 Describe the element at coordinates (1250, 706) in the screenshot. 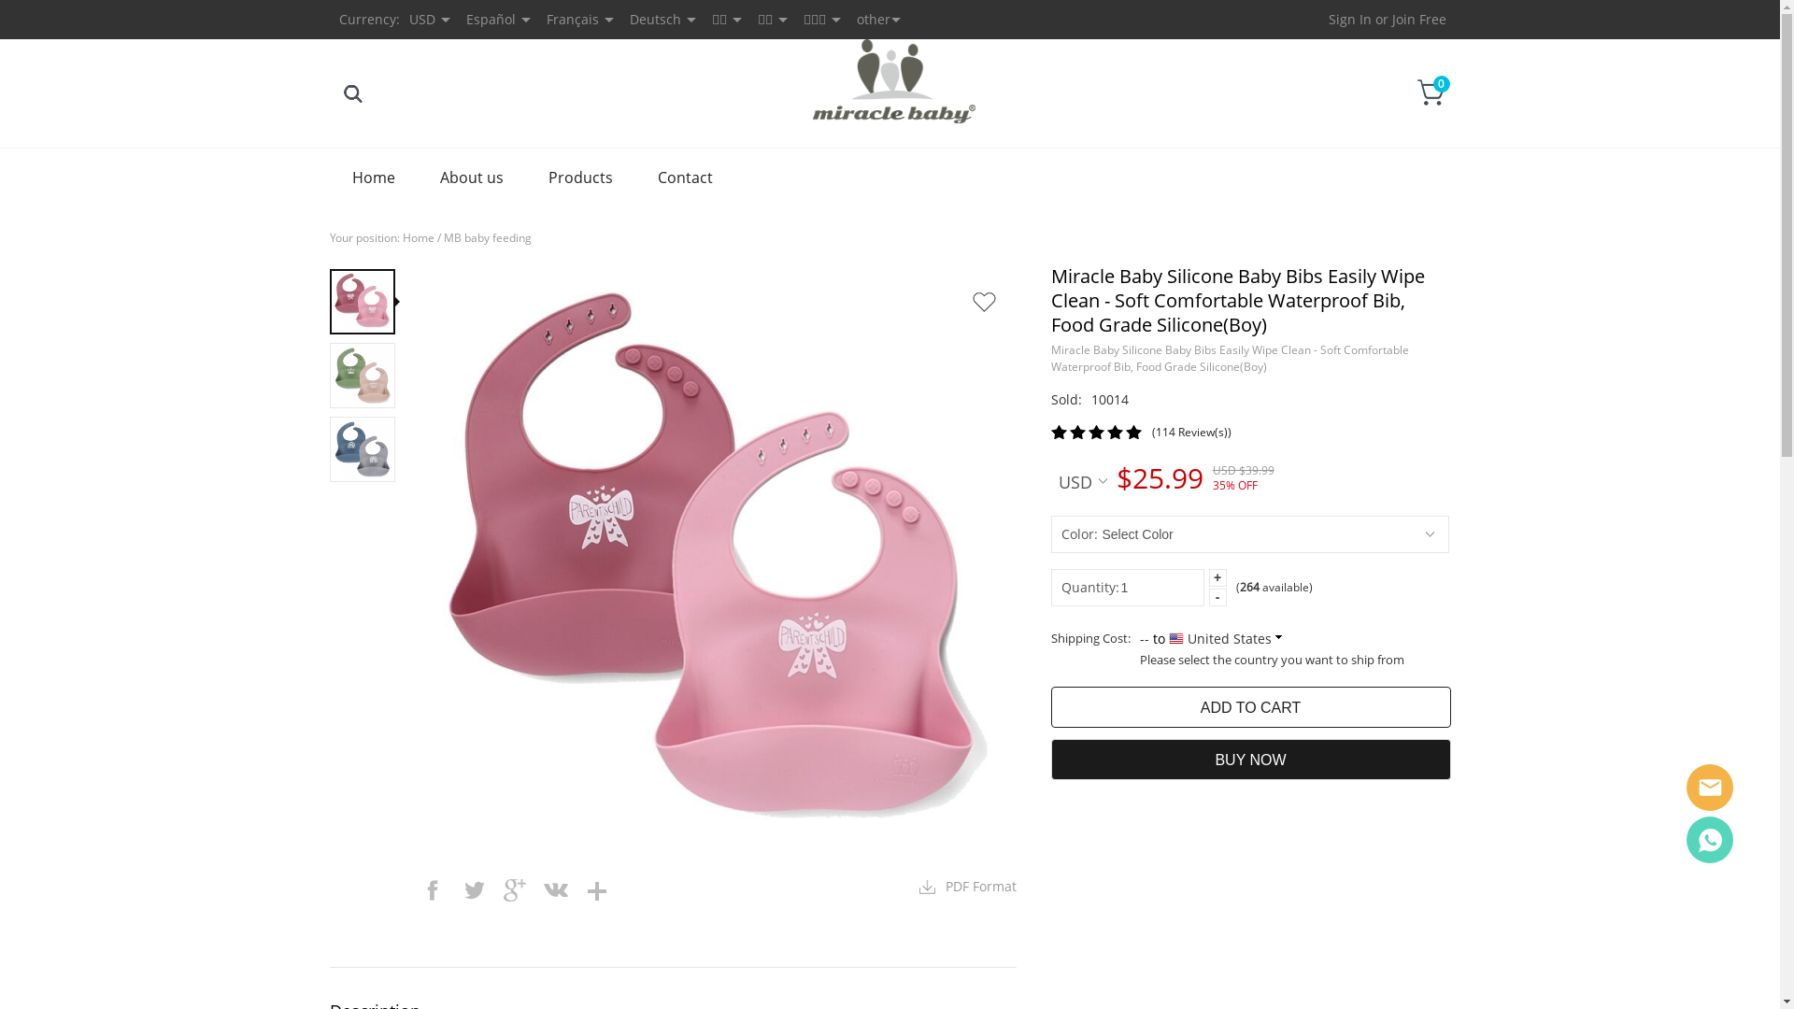

I see `'Add to Cart'` at that location.